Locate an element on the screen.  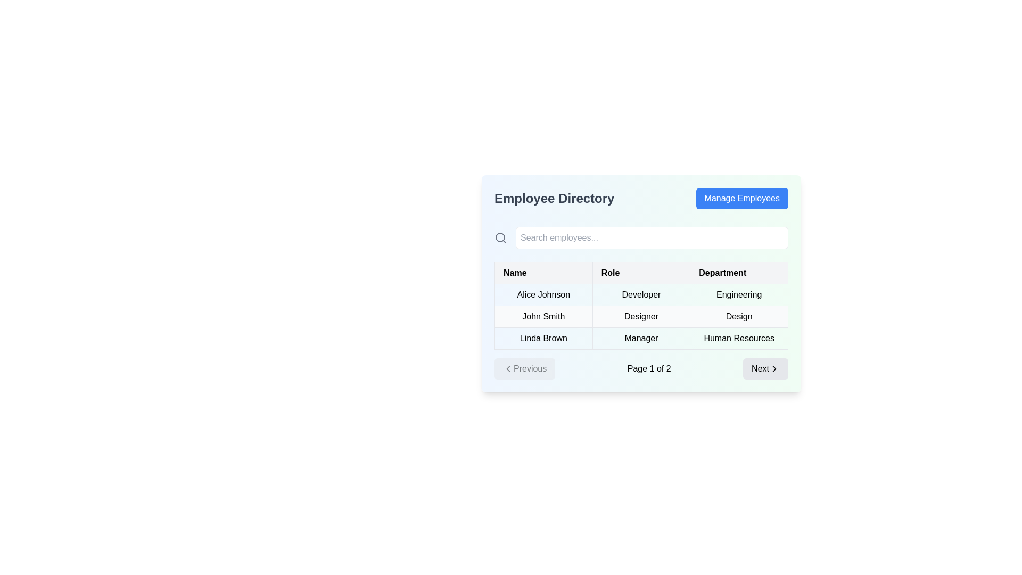
the 'Manage Employees' button, which is a blue rectangular button with white text, located at the top-right corner of the 'Employee Directory' section, to observe the style change is located at coordinates (741, 199).